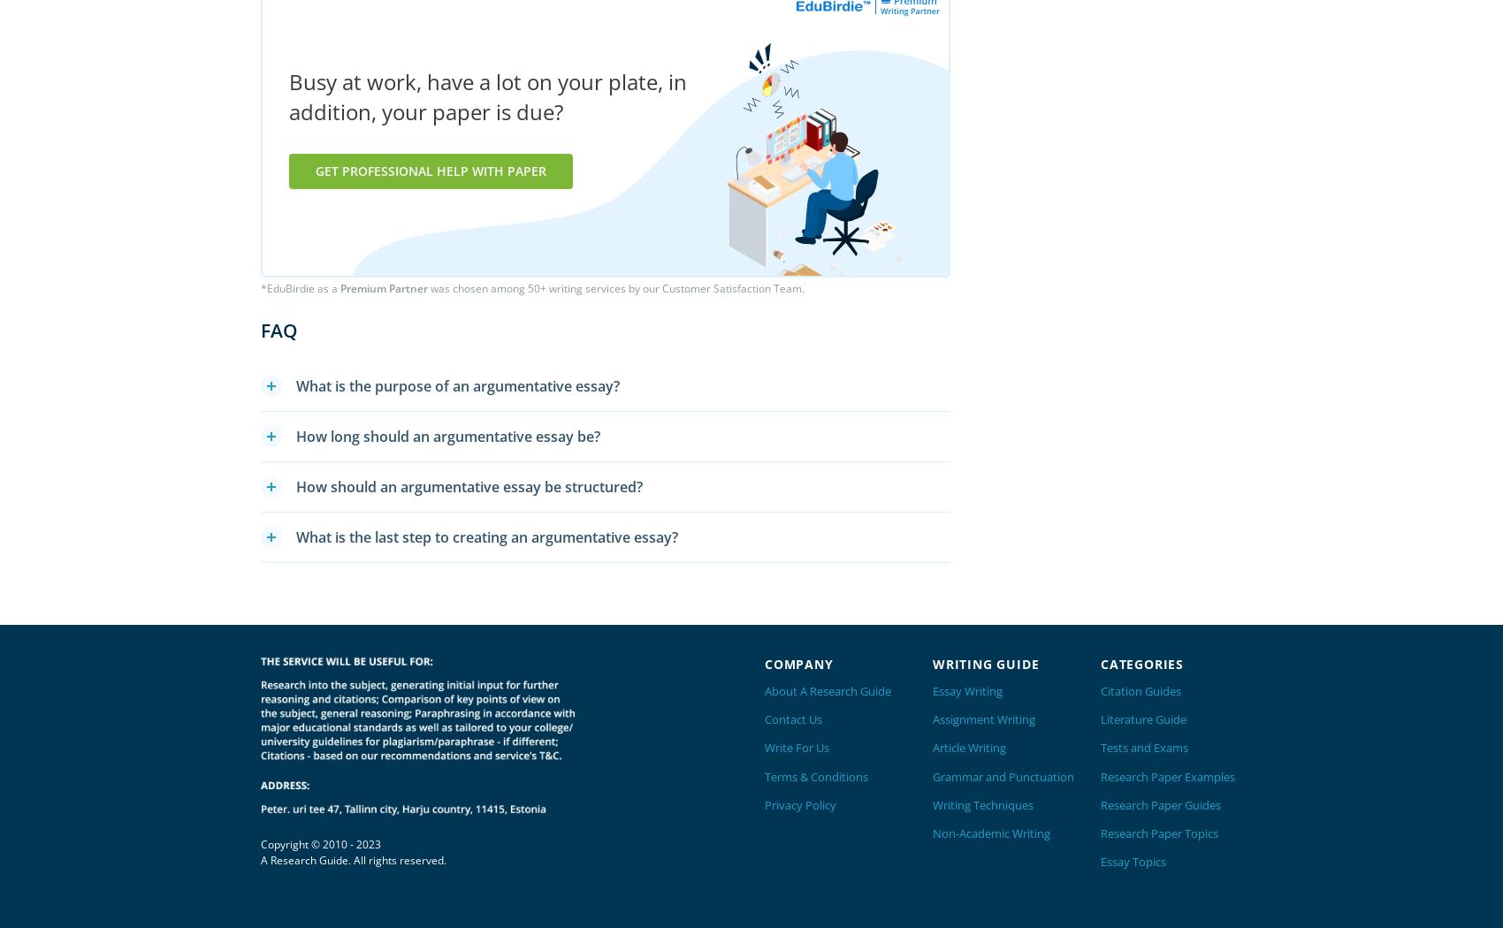 This screenshot has height=928, width=1503. I want to click on 'Citation Guides', so click(1141, 691).